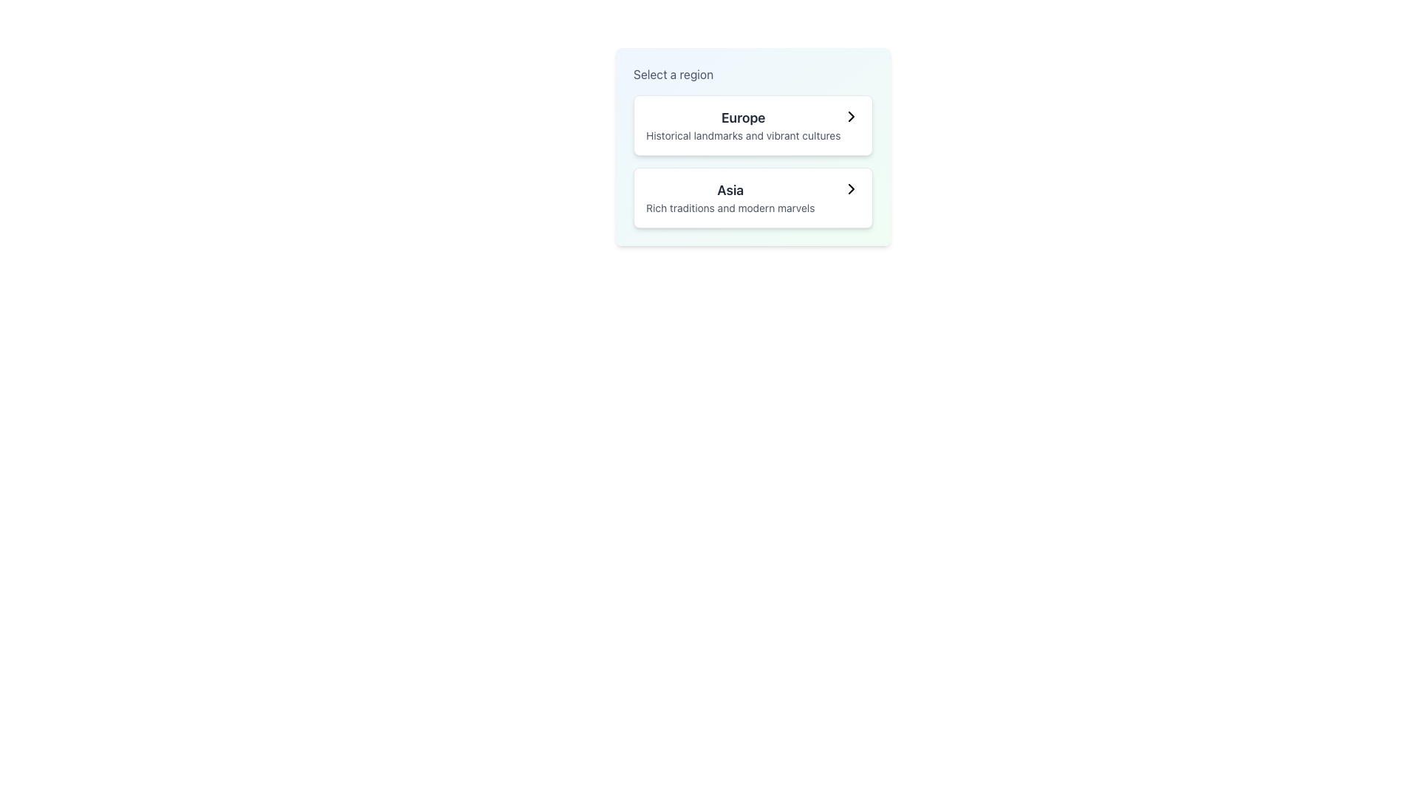 The width and height of the screenshot is (1418, 798). Describe the element at coordinates (673, 74) in the screenshot. I see `the text label 'Select a region' which is styled in light gray and positioned at the top of the section box containing region selection options` at that location.